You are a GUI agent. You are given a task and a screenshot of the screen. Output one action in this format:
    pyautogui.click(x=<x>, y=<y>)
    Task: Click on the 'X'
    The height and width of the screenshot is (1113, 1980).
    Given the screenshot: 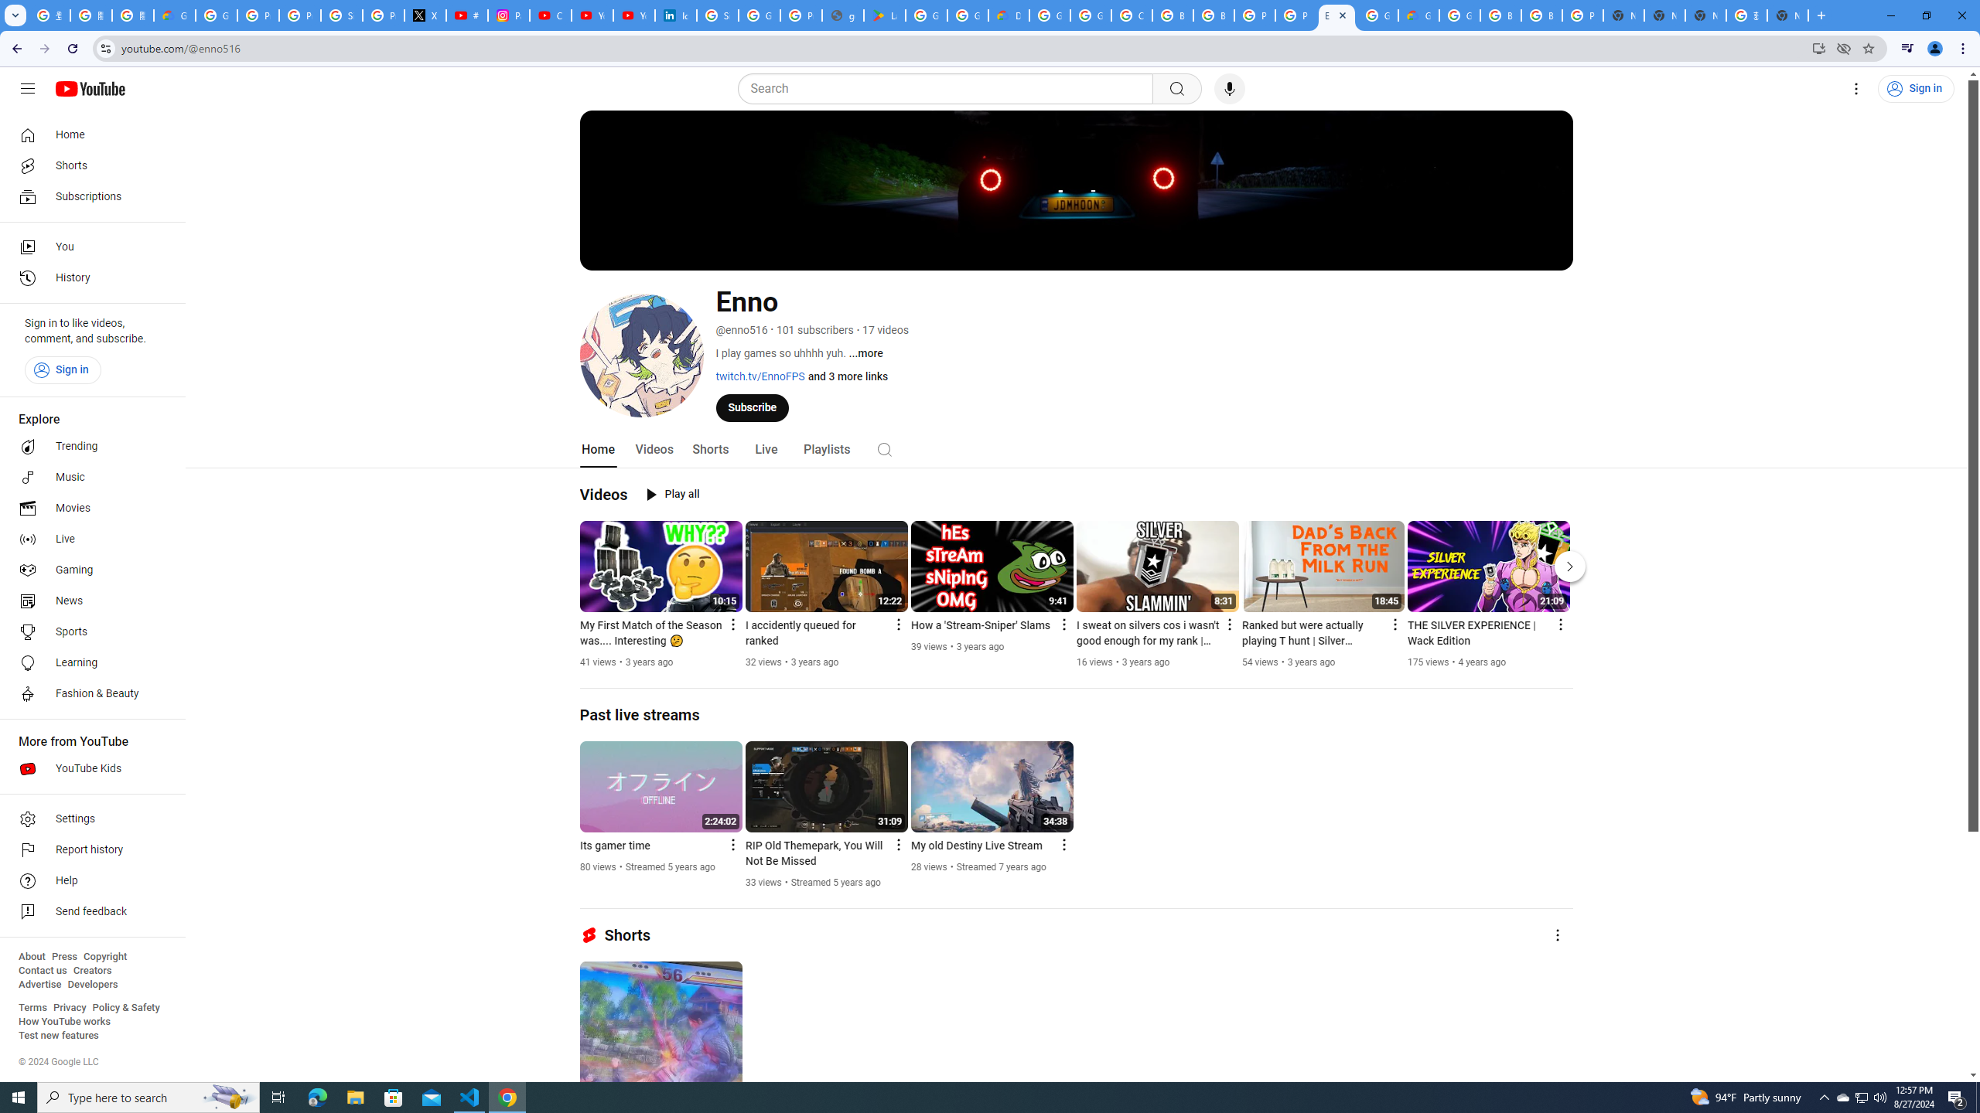 What is the action you would take?
    pyautogui.click(x=425, y=15)
    